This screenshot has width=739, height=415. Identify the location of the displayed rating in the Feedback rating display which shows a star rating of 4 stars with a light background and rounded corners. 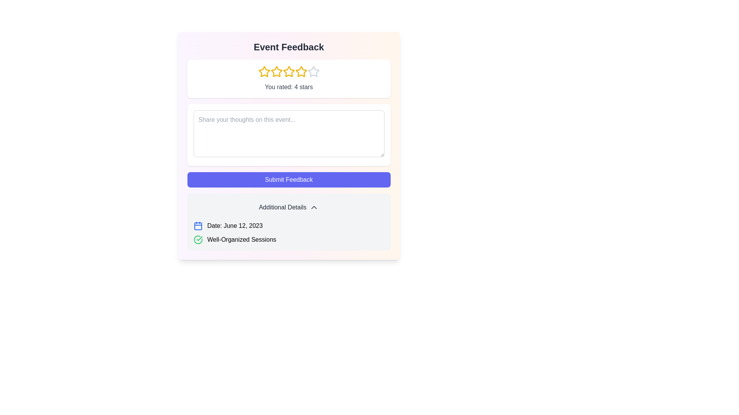
(288, 78).